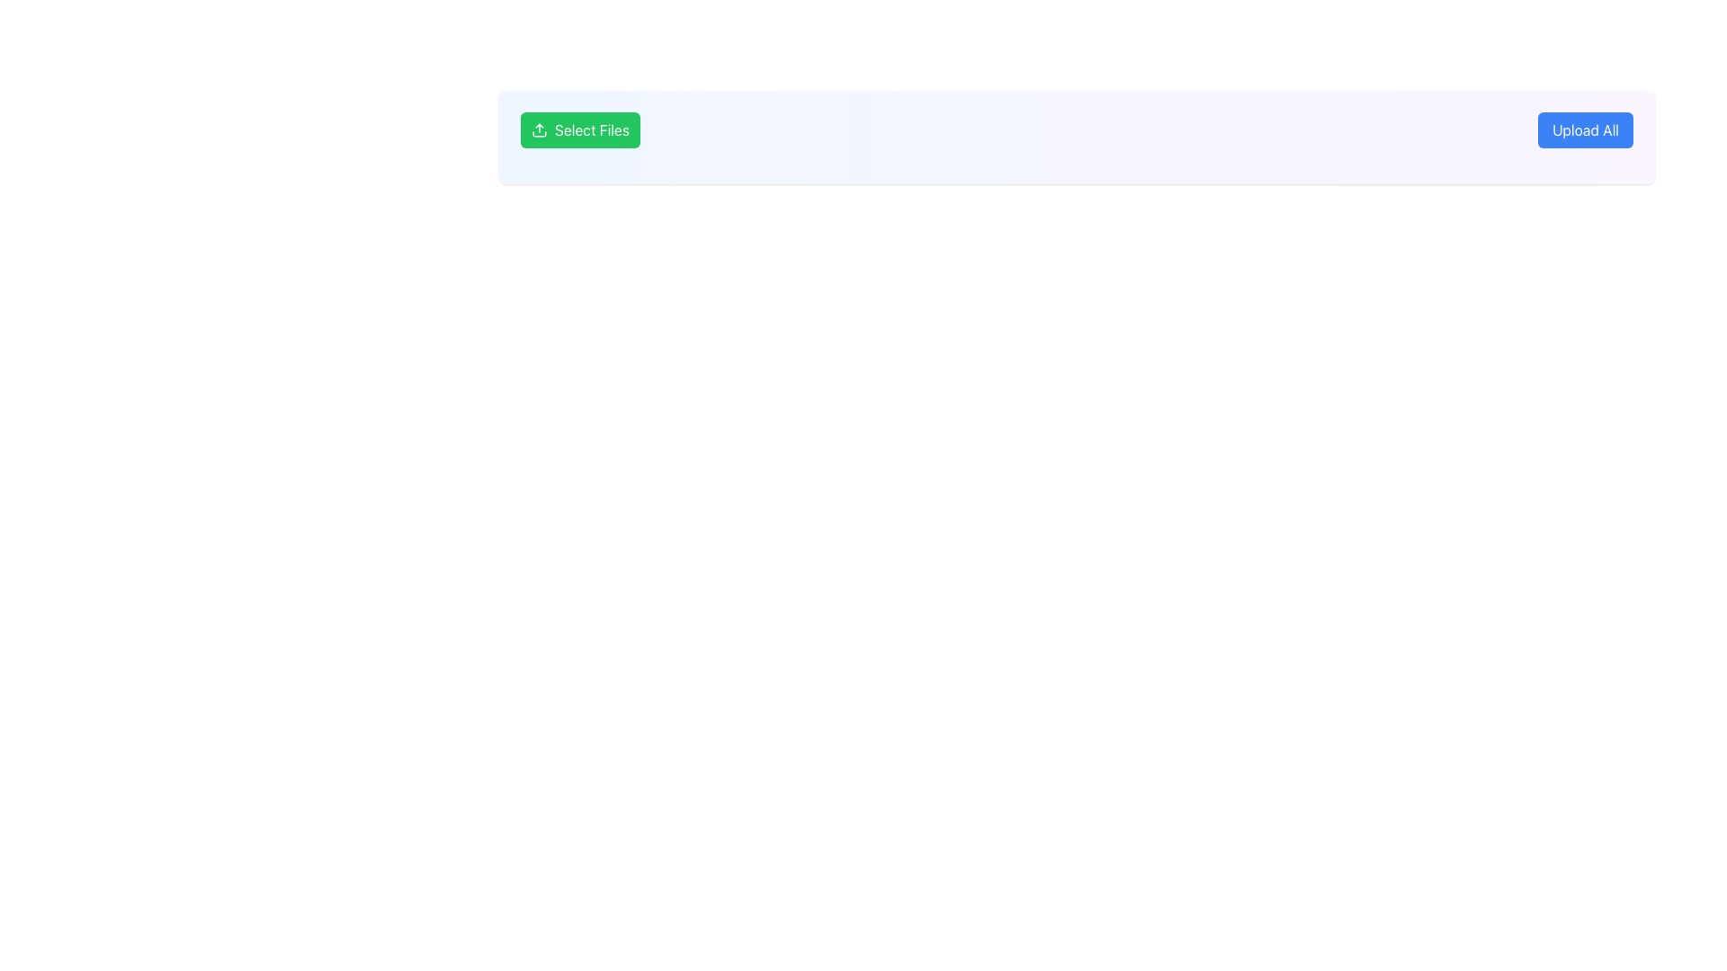 The image size is (1727, 971). Describe the element at coordinates (539, 129) in the screenshot. I see `the SVG icon resembling an upload symbol` at that location.